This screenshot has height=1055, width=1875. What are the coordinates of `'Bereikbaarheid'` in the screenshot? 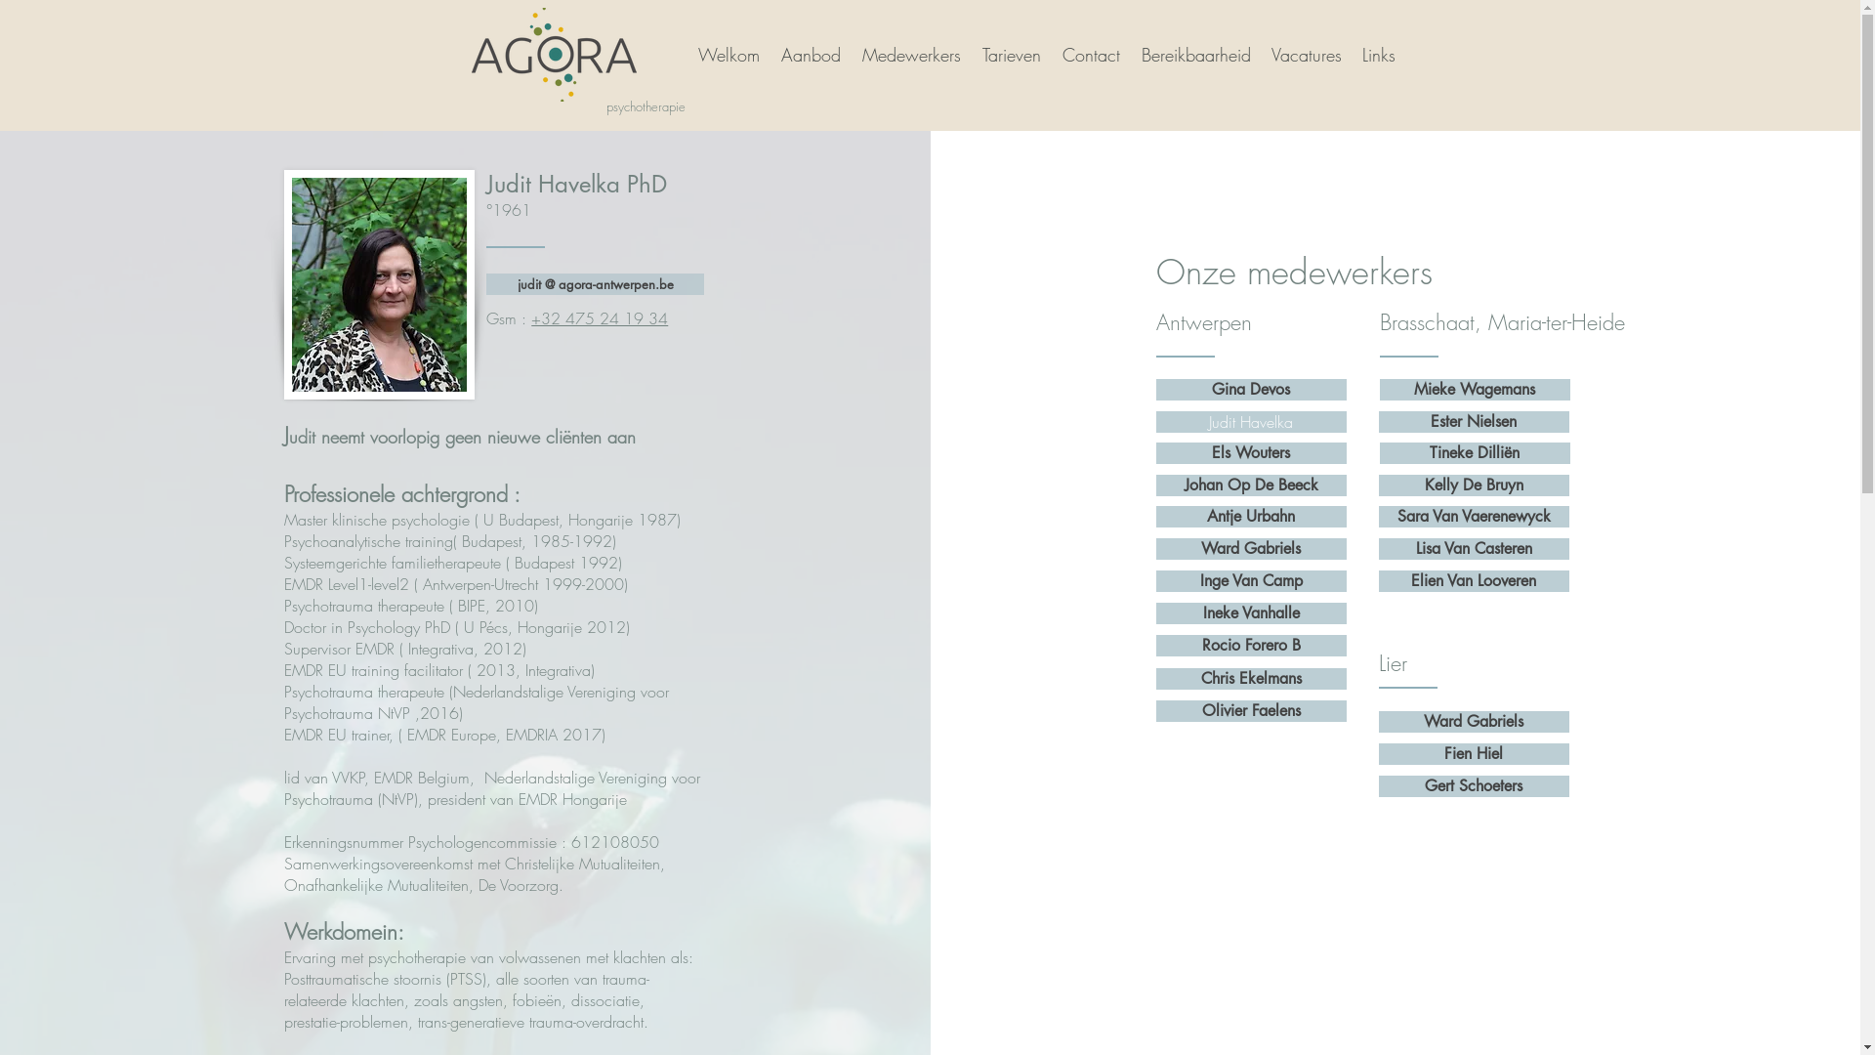 It's located at (1193, 54).